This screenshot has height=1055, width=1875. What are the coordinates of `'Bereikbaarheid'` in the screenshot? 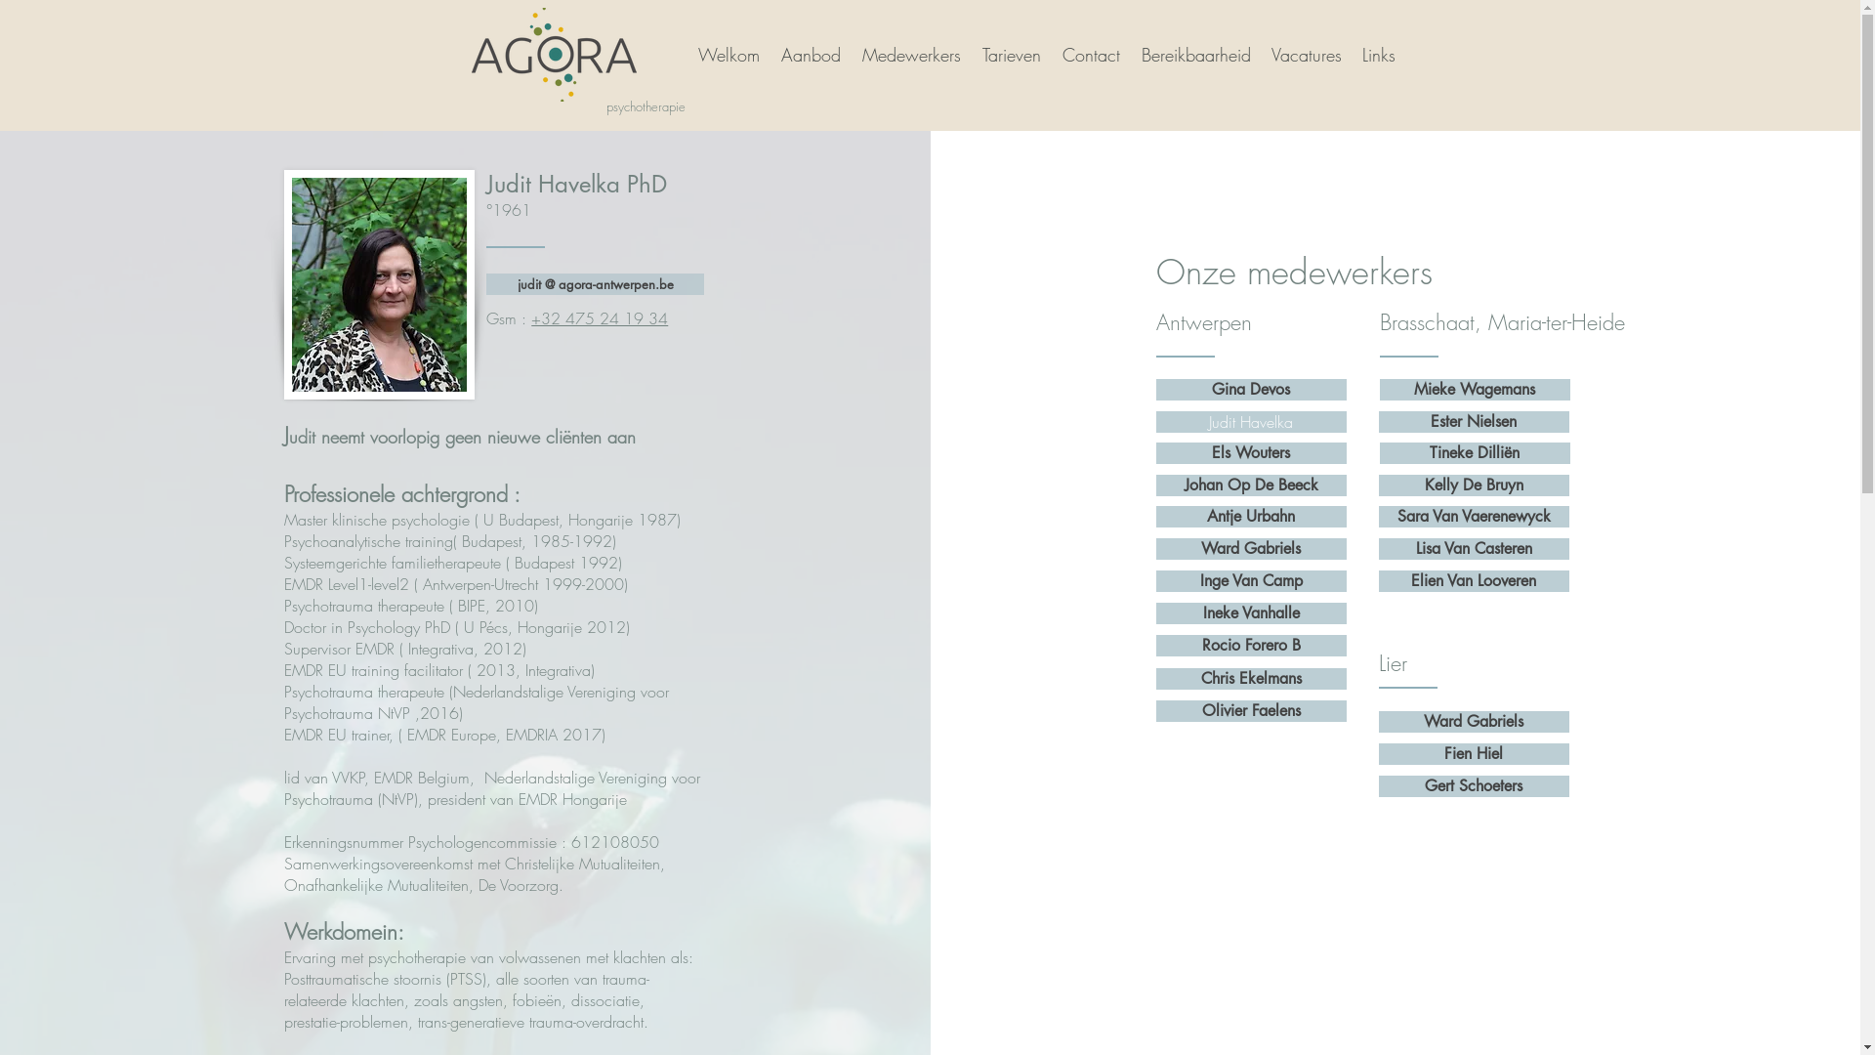 It's located at (1193, 54).